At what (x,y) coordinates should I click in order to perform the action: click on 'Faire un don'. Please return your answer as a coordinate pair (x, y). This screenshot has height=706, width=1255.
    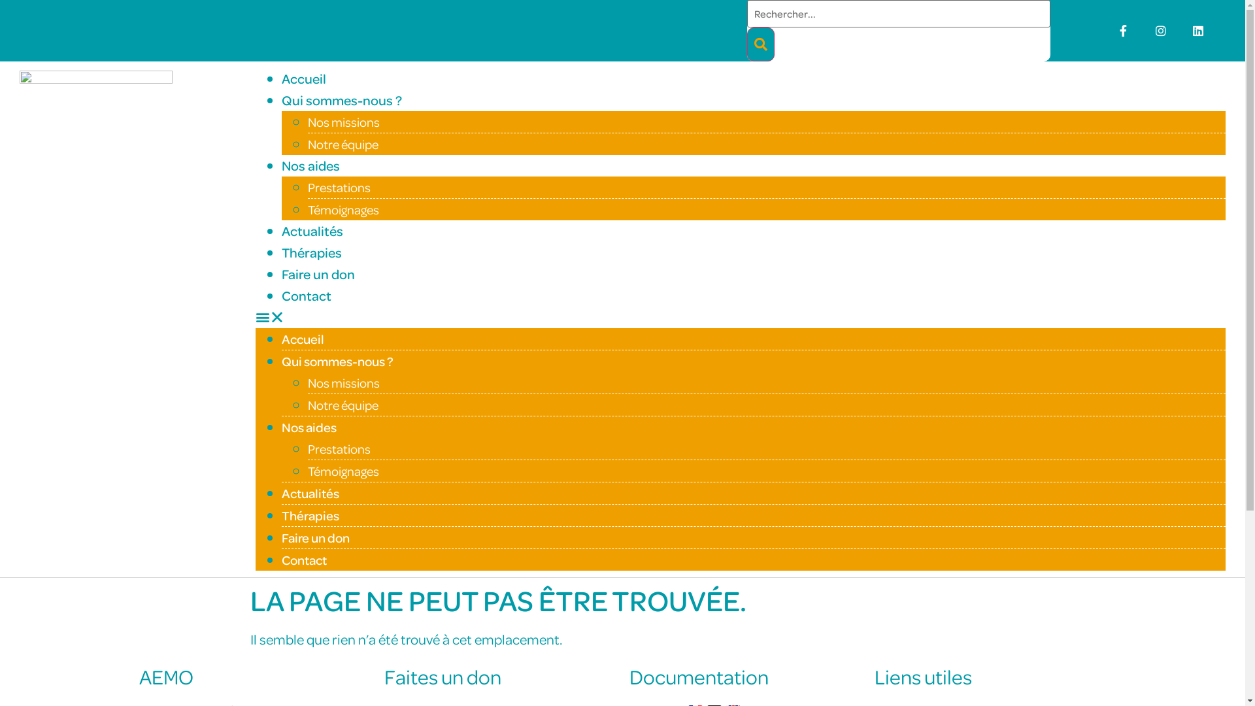
    Looking at the image, I should click on (318, 273).